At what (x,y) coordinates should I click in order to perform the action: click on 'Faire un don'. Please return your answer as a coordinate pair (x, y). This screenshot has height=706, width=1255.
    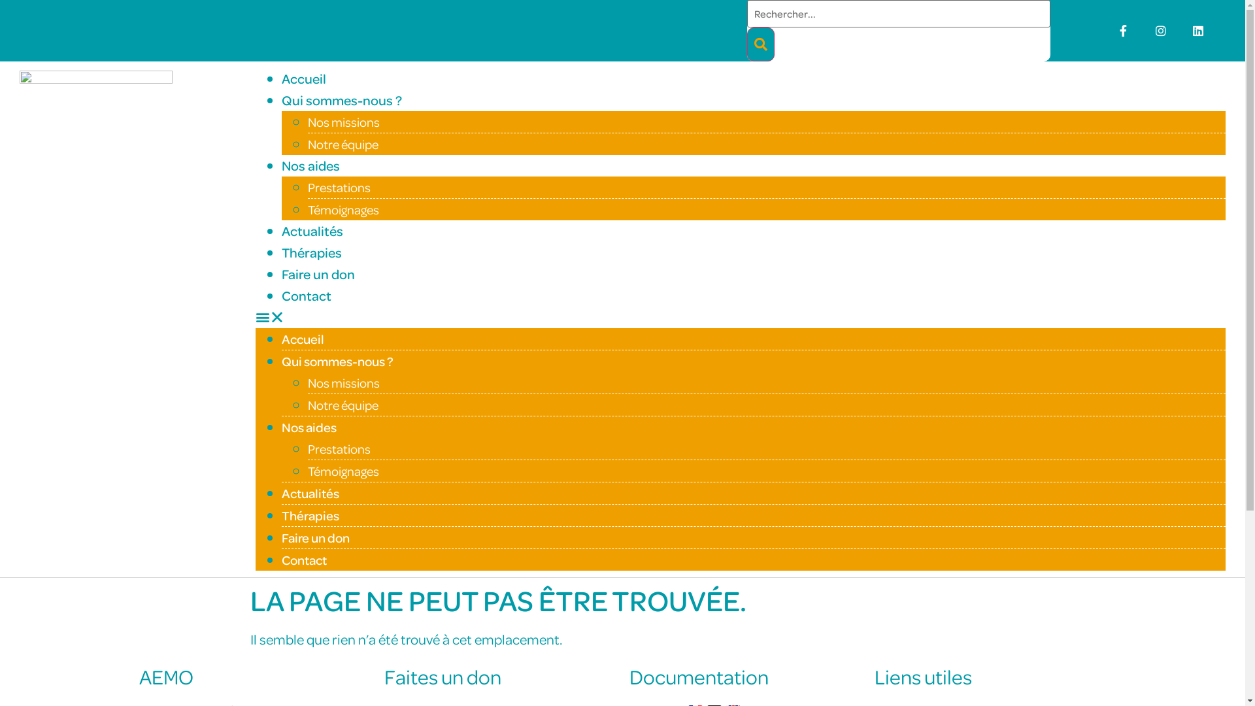
    Looking at the image, I should click on (318, 273).